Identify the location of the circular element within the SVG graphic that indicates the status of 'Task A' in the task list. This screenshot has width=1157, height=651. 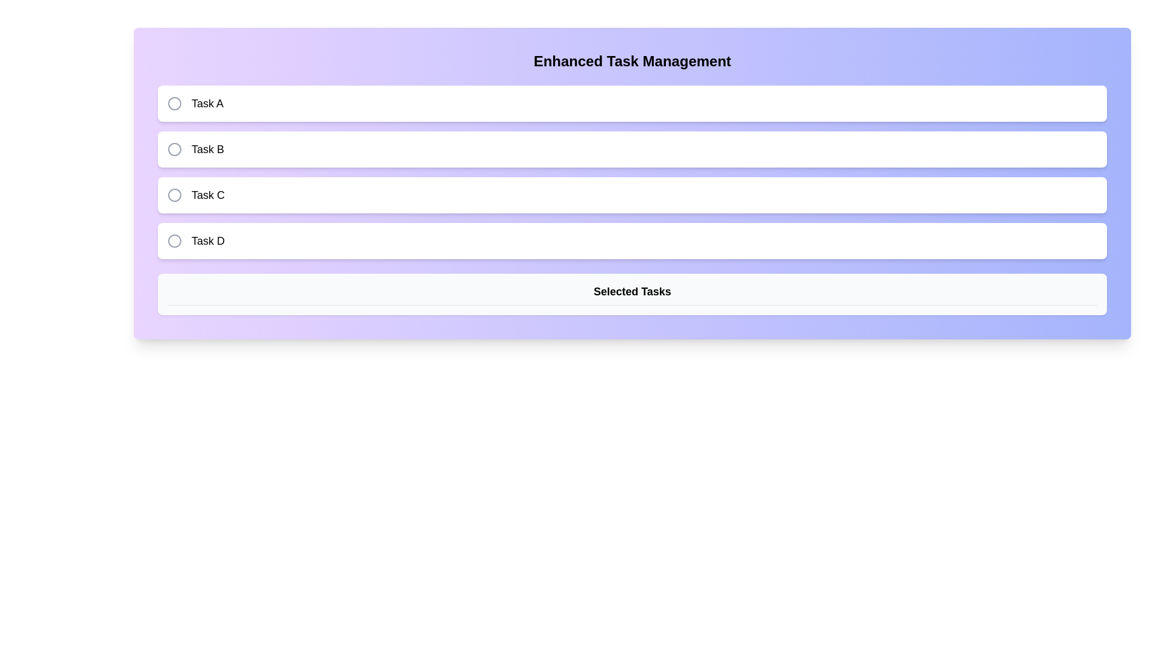
(174, 103).